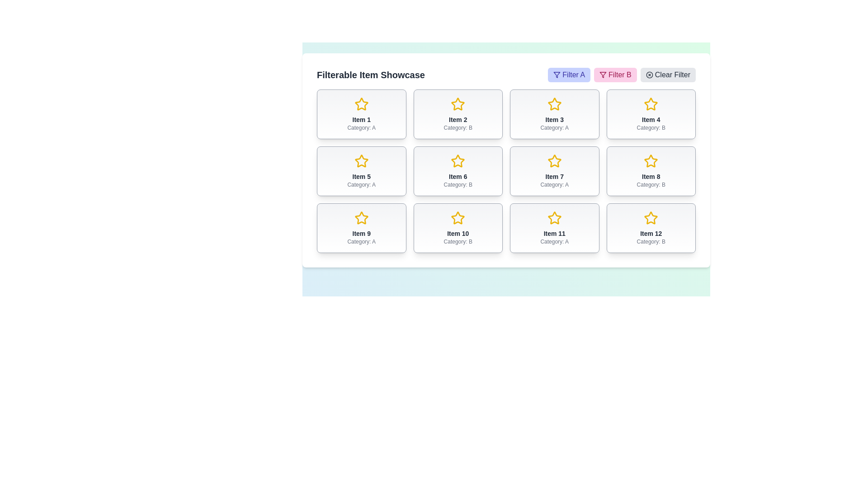 The image size is (868, 488). I want to click on the 'Clear Filter' button which is styled with a gray background and text, featuring a rounded rectangle shape and an 'X' icon to the left of the text, located in the top-right corner of the display area, so click(668, 74).